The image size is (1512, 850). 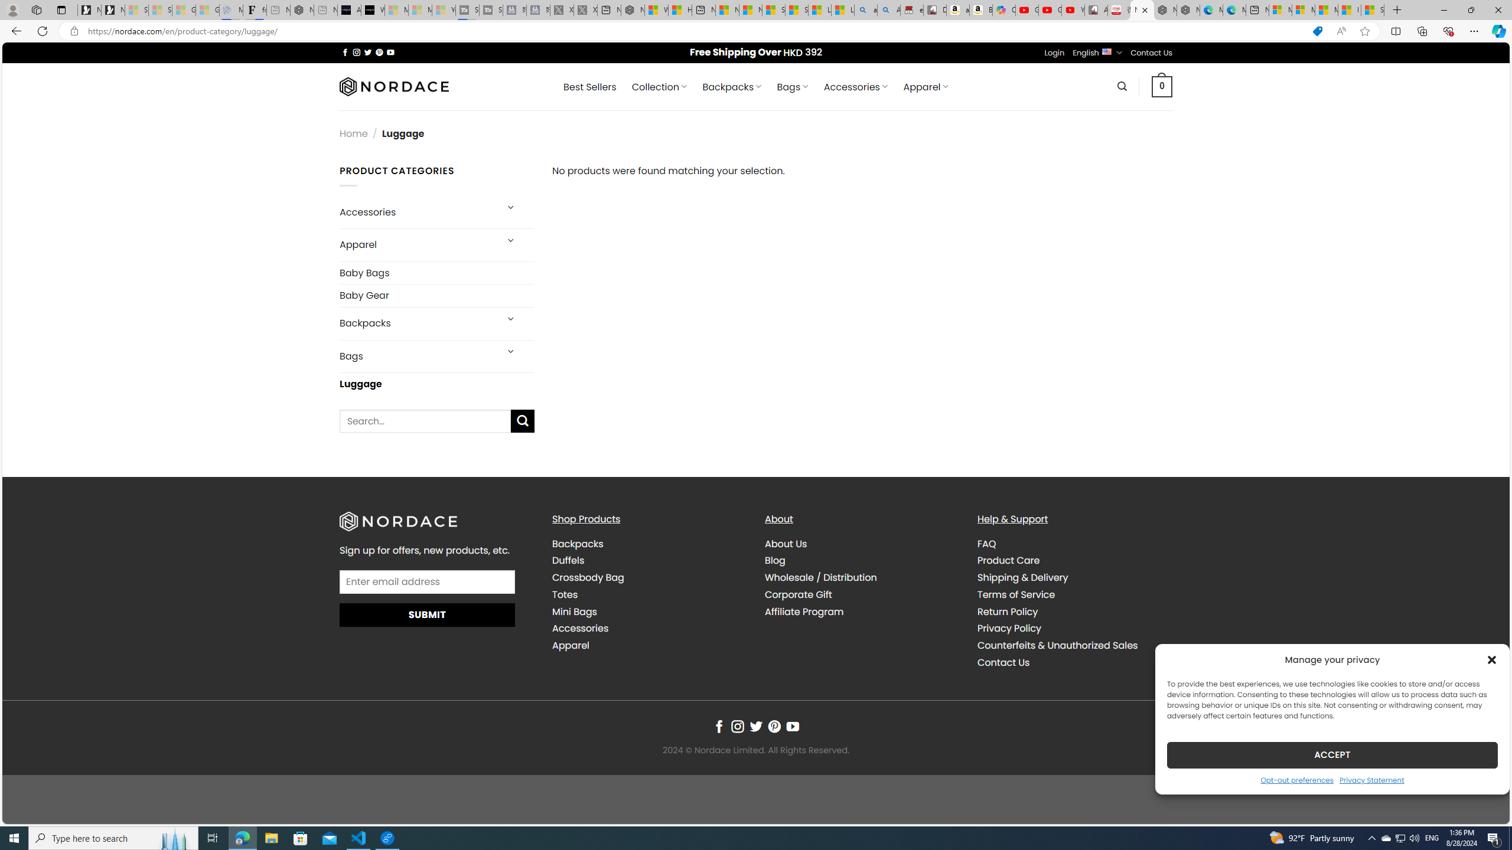 I want to click on 'Blog', so click(x=775, y=560).